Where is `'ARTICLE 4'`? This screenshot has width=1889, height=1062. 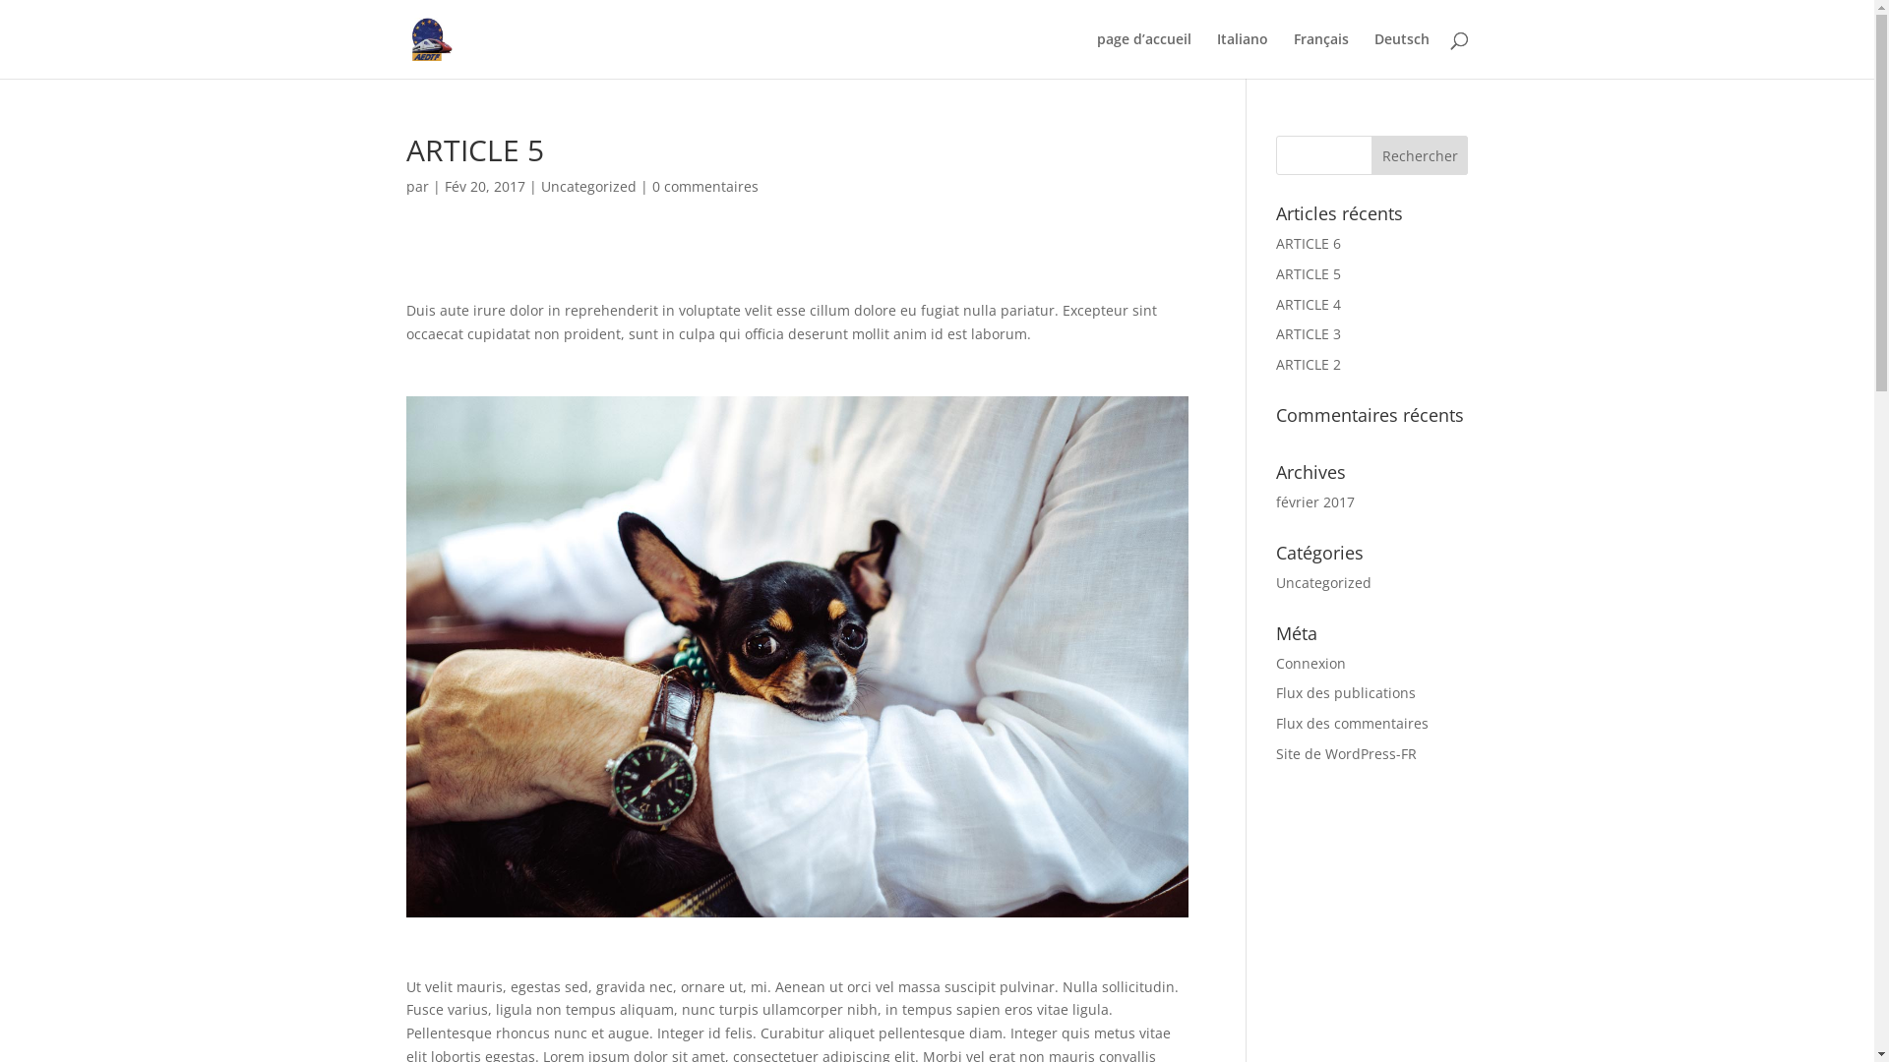
'ARTICLE 4' is located at coordinates (1308, 304).